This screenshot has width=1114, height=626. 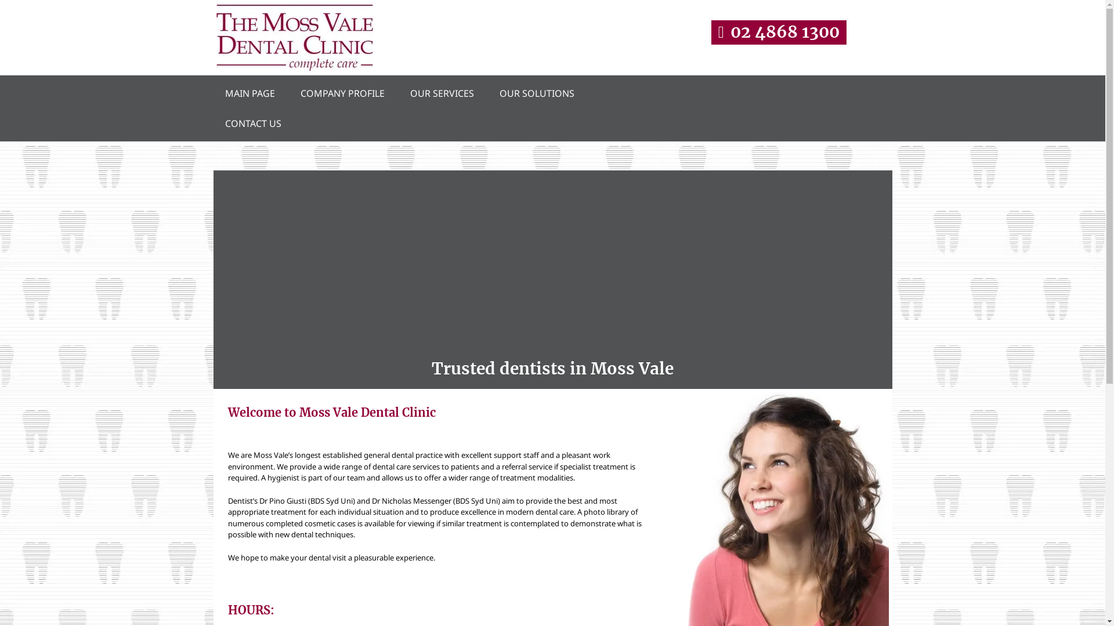 I want to click on 'COMPANY PROFILE', so click(x=291, y=93).